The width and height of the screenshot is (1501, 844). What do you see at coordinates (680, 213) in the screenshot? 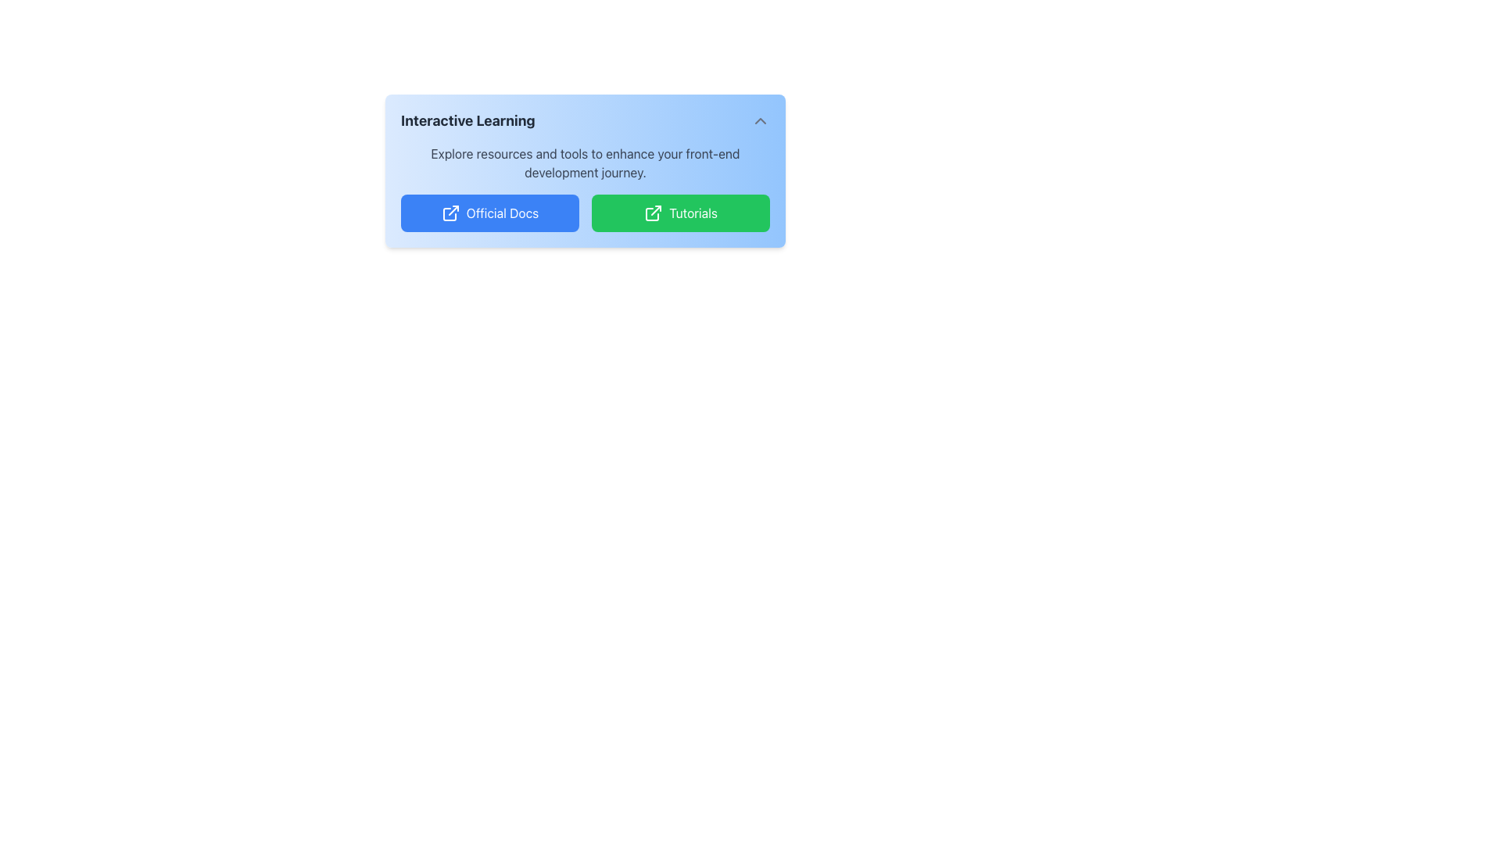
I see `the green button labeled 'Tutorials' with a white text and an external link icon to its left, located at the bottom right of the blue panel titled 'Interactive Learning'` at bounding box center [680, 213].